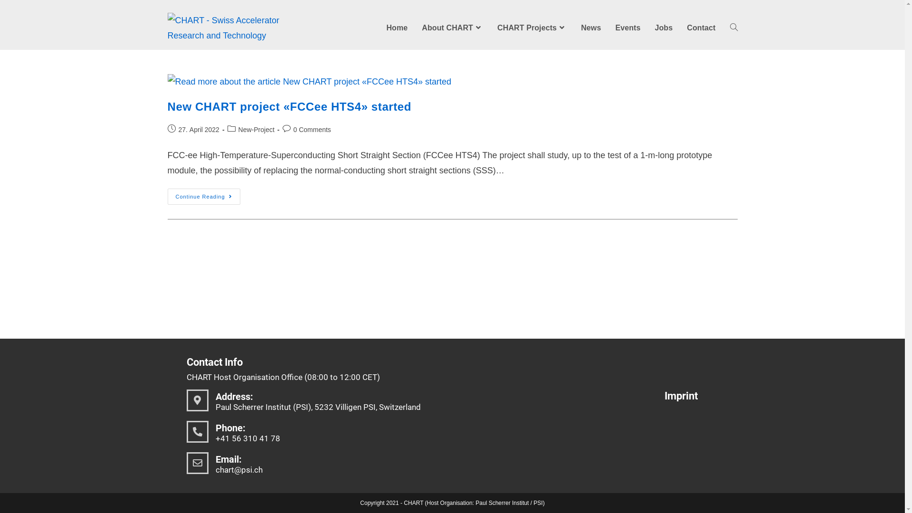 Image resolution: width=912 pixels, height=513 pixels. What do you see at coordinates (531, 27) in the screenshot?
I see `'CHART Projects'` at bounding box center [531, 27].